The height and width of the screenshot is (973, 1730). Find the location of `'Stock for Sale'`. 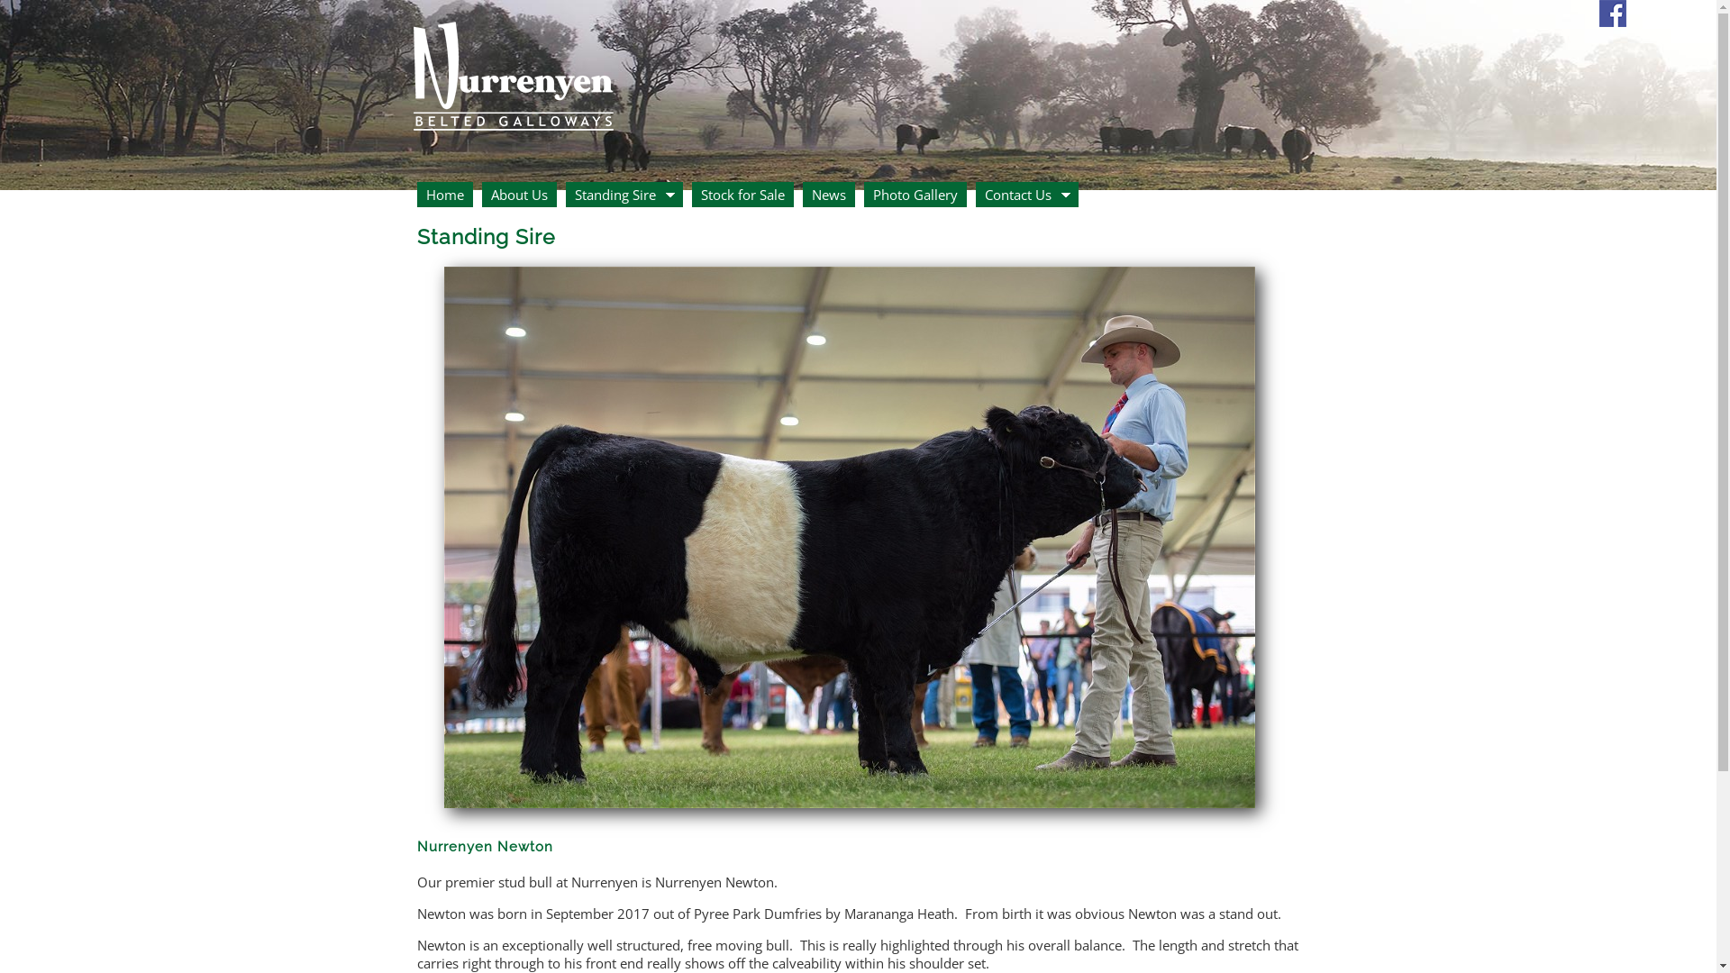

'Stock for Sale' is located at coordinates (742, 195).